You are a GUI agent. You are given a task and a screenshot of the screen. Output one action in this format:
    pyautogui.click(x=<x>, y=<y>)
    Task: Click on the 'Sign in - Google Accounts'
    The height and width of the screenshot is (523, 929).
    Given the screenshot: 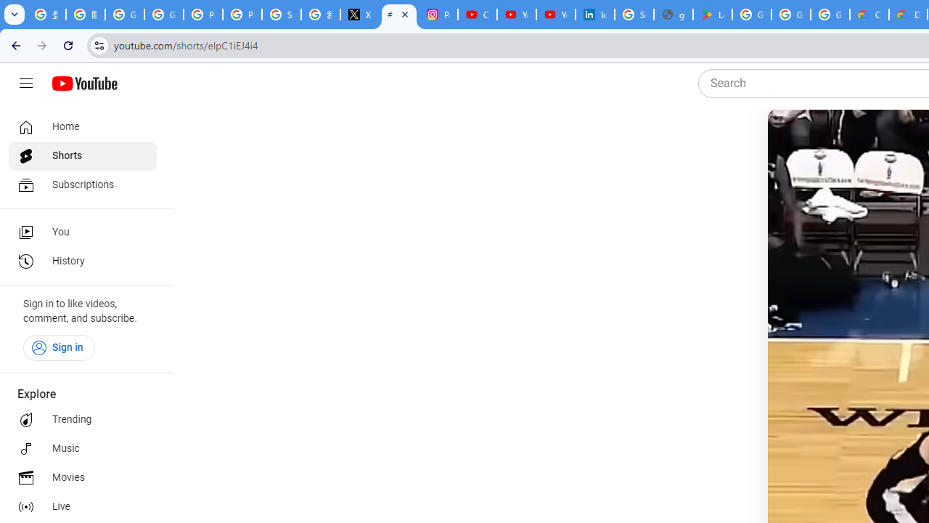 What is the action you would take?
    pyautogui.click(x=634, y=15)
    